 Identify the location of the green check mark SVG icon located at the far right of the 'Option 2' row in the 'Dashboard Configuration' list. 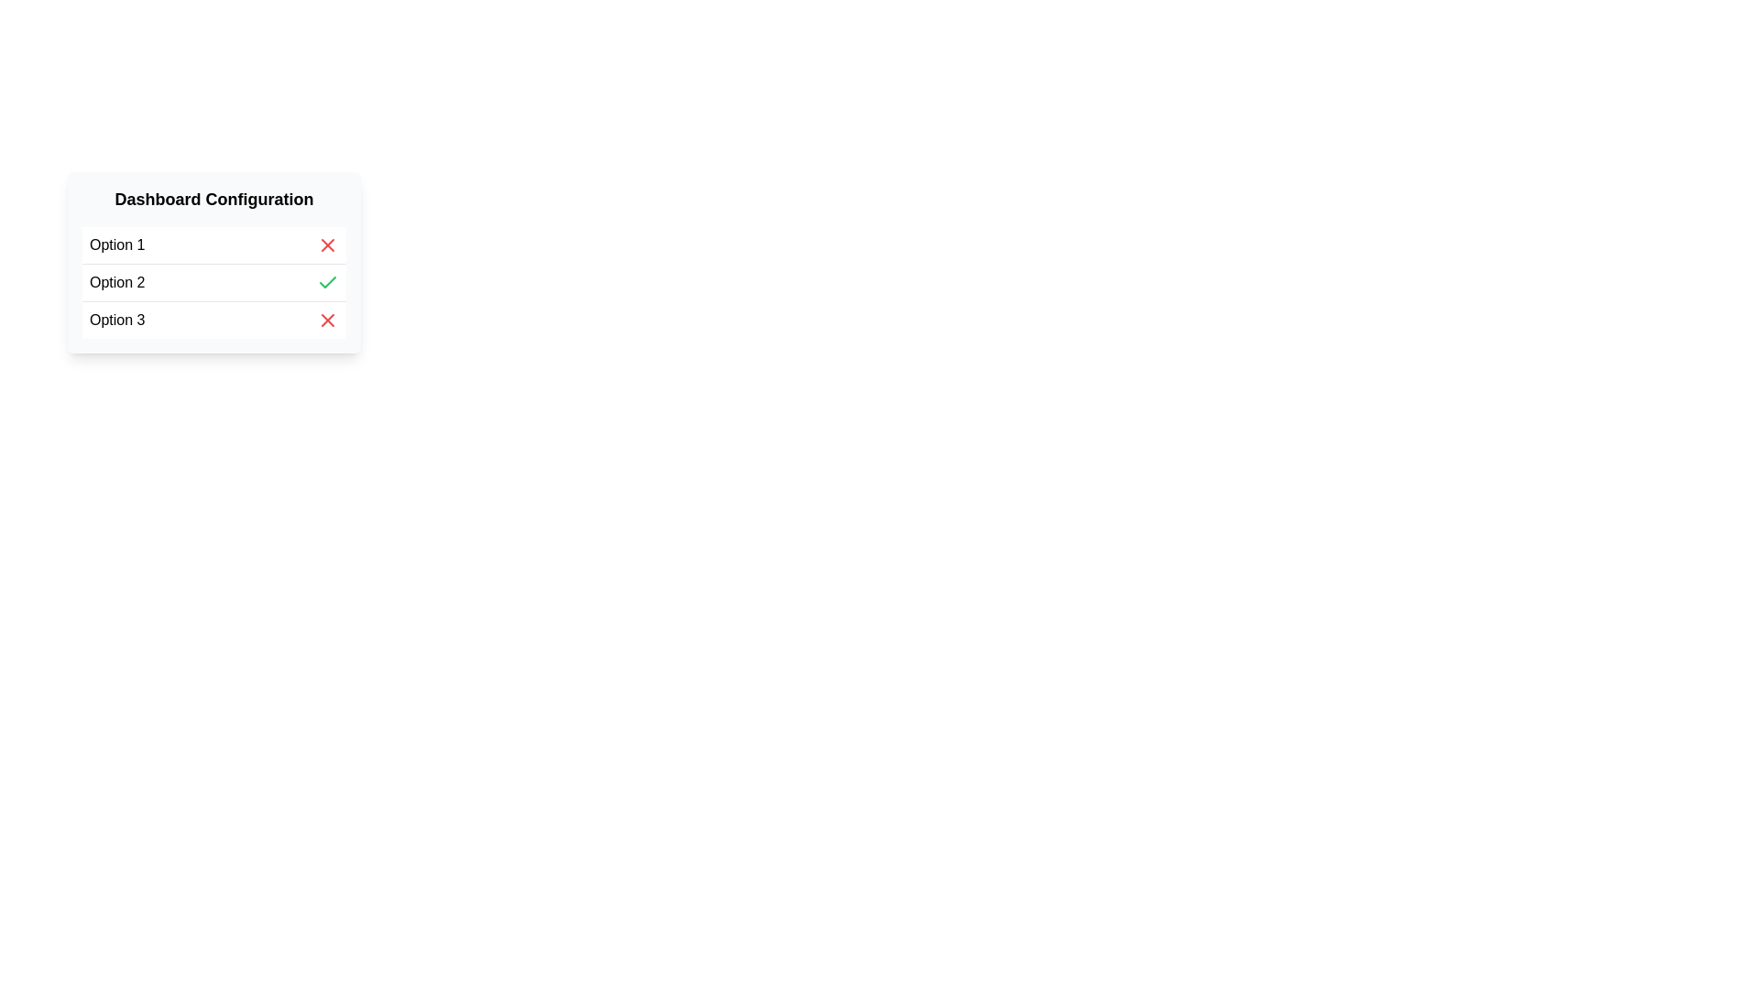
(328, 282).